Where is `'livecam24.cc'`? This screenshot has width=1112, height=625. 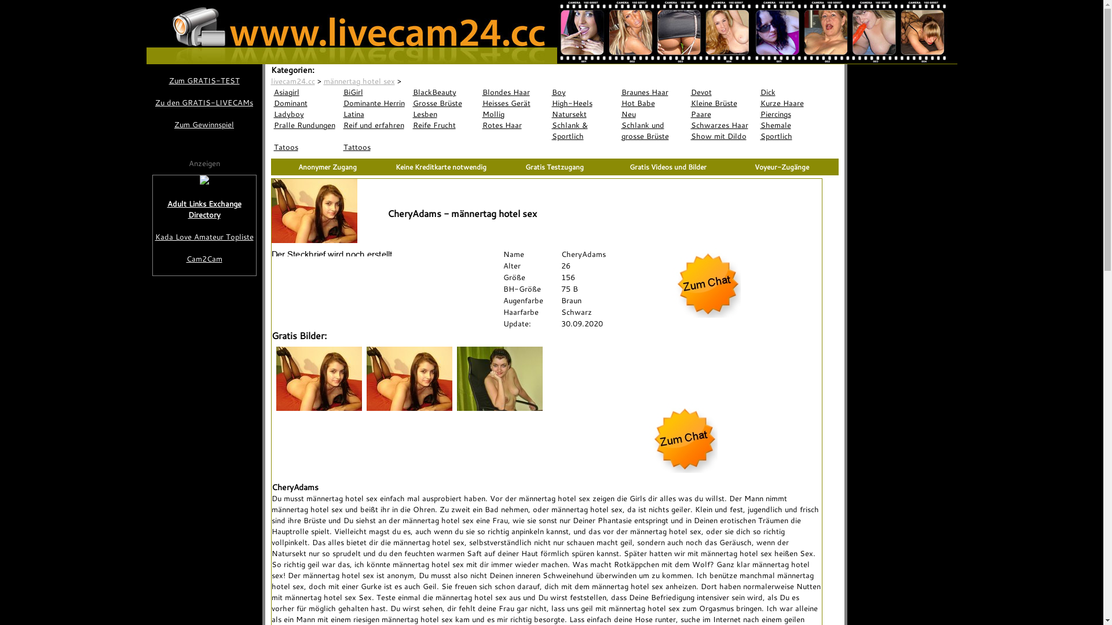
'livecam24.cc' is located at coordinates (292, 80).